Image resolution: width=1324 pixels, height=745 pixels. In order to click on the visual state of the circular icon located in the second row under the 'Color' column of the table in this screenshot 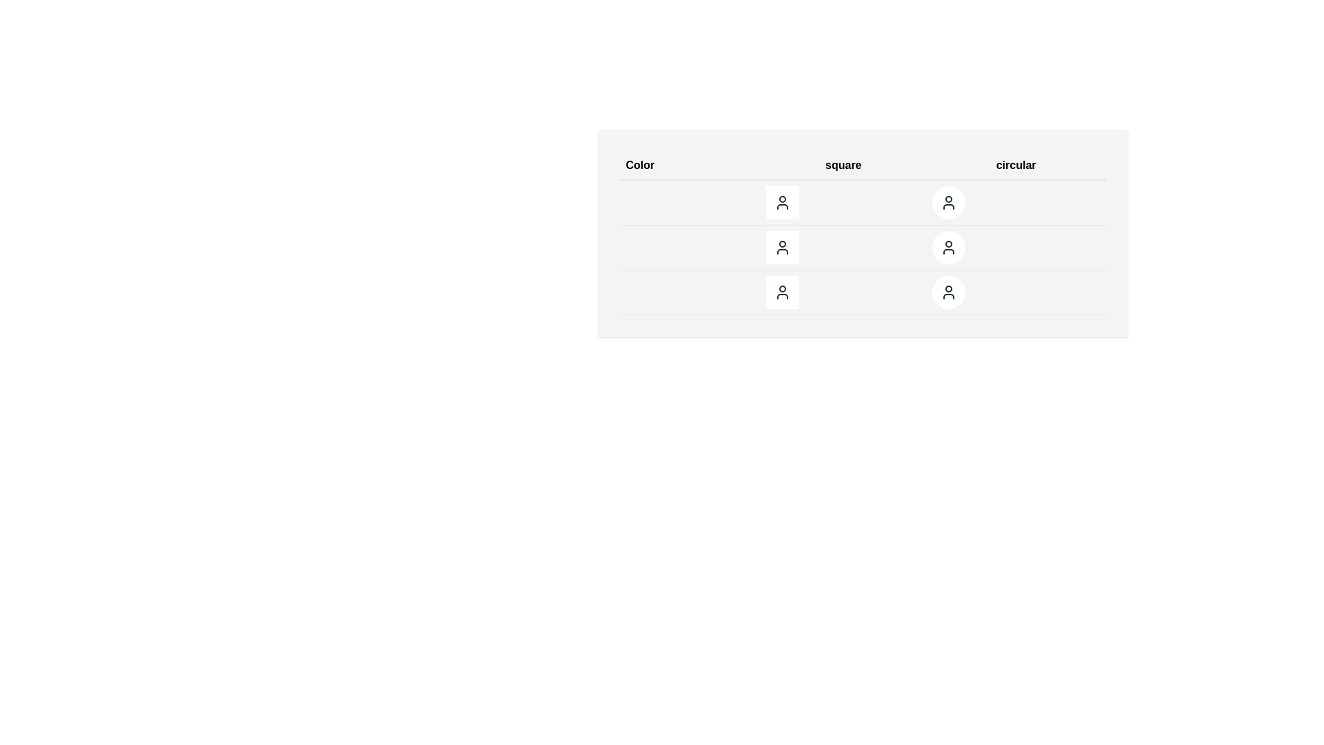, I will do `click(636, 246)`.